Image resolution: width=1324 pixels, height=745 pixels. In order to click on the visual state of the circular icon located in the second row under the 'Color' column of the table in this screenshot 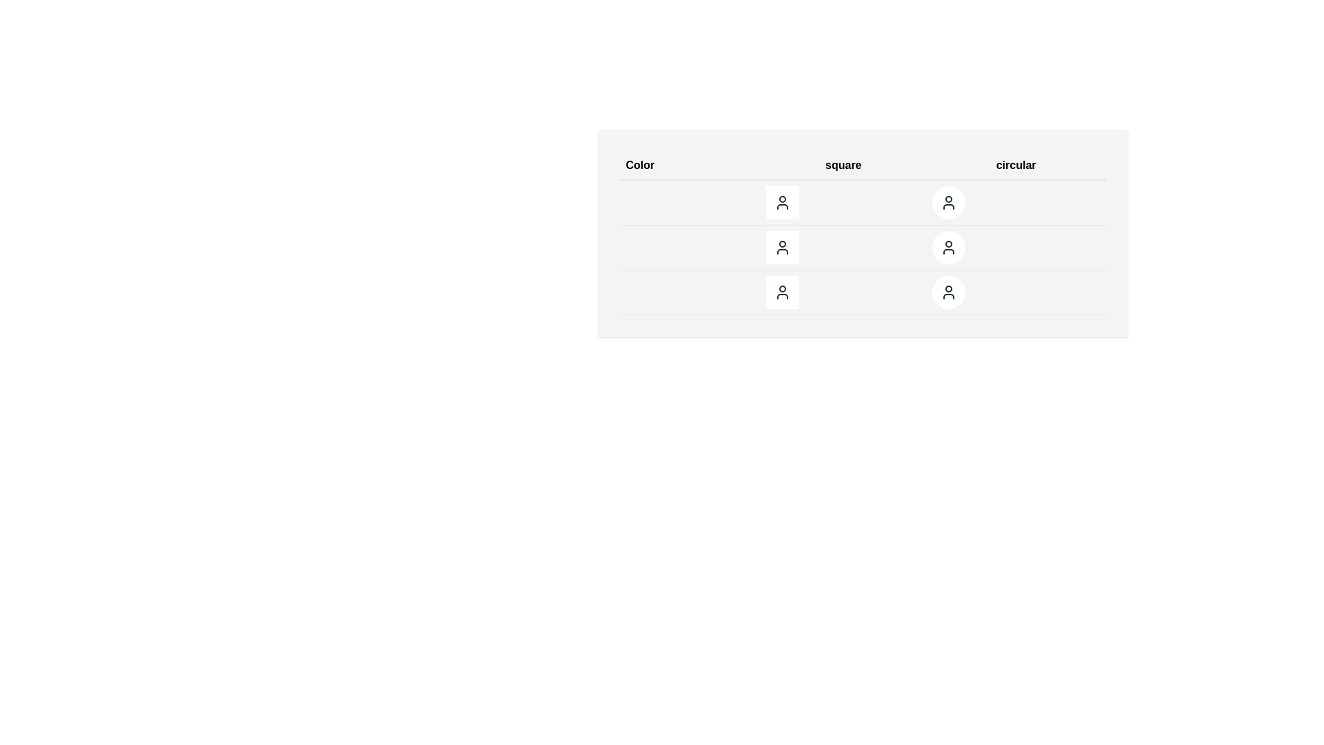, I will do `click(636, 246)`.